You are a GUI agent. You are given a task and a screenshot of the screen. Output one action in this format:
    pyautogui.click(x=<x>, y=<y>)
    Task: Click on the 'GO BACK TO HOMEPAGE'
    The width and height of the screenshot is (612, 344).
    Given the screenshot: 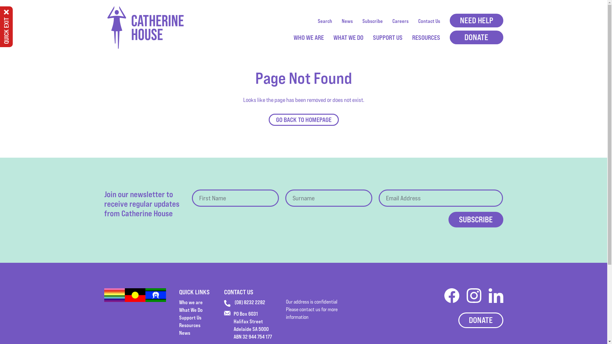 What is the action you would take?
    pyautogui.click(x=303, y=119)
    